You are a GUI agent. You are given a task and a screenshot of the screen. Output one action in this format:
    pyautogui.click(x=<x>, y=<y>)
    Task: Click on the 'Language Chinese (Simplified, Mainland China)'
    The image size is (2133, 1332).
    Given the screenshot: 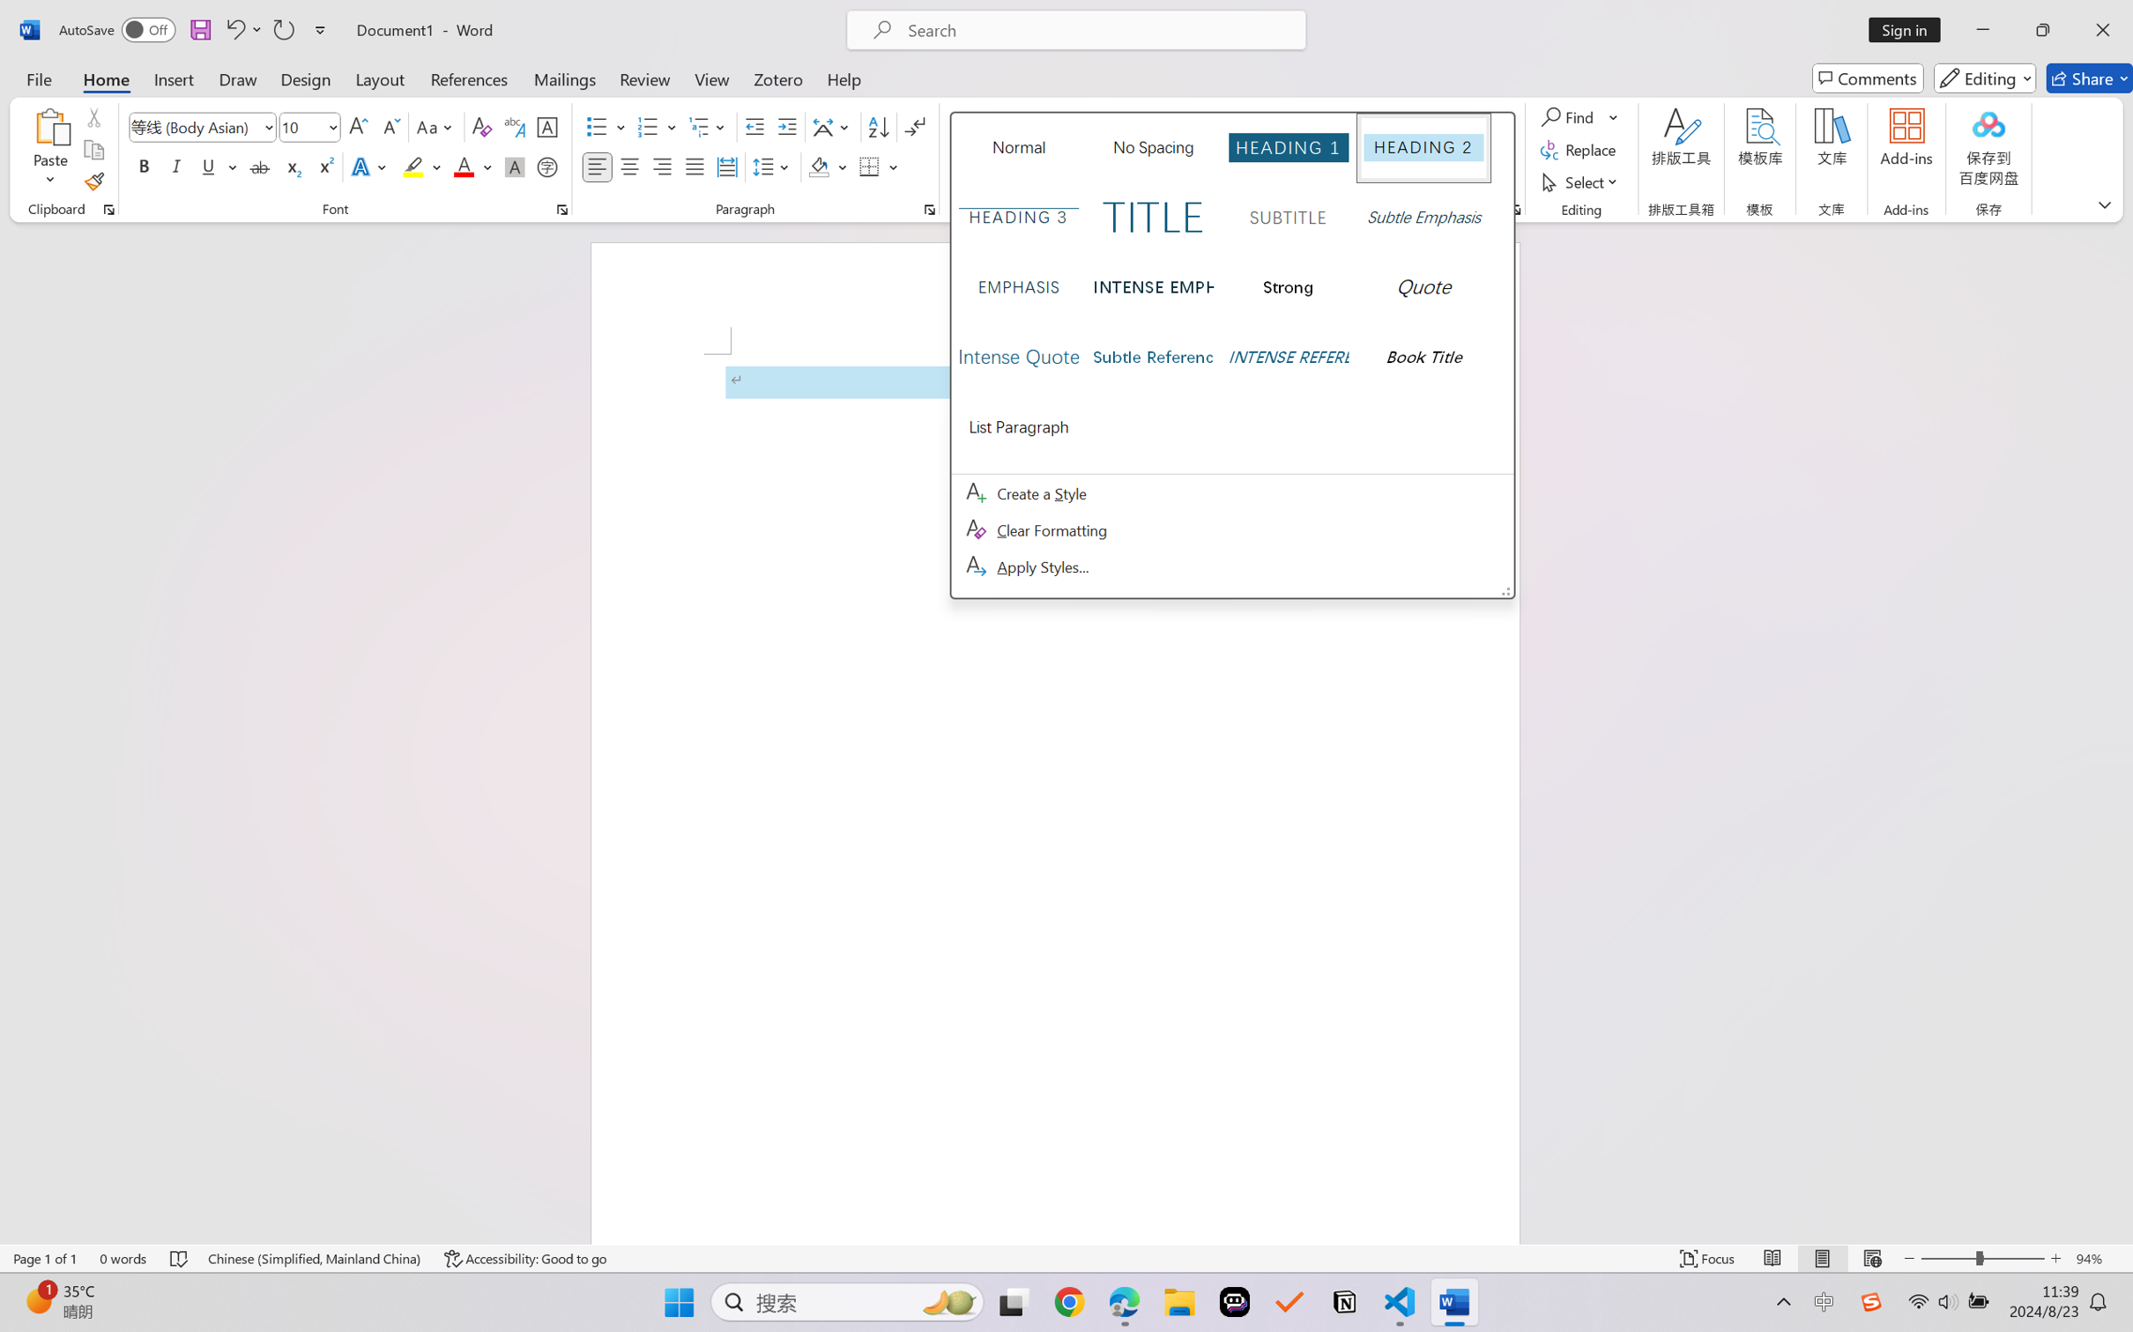 What is the action you would take?
    pyautogui.click(x=314, y=1258)
    